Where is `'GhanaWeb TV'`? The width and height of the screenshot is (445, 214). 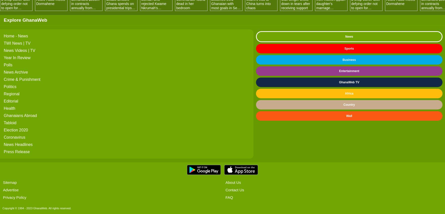
'GhanaWeb TV' is located at coordinates (349, 82).